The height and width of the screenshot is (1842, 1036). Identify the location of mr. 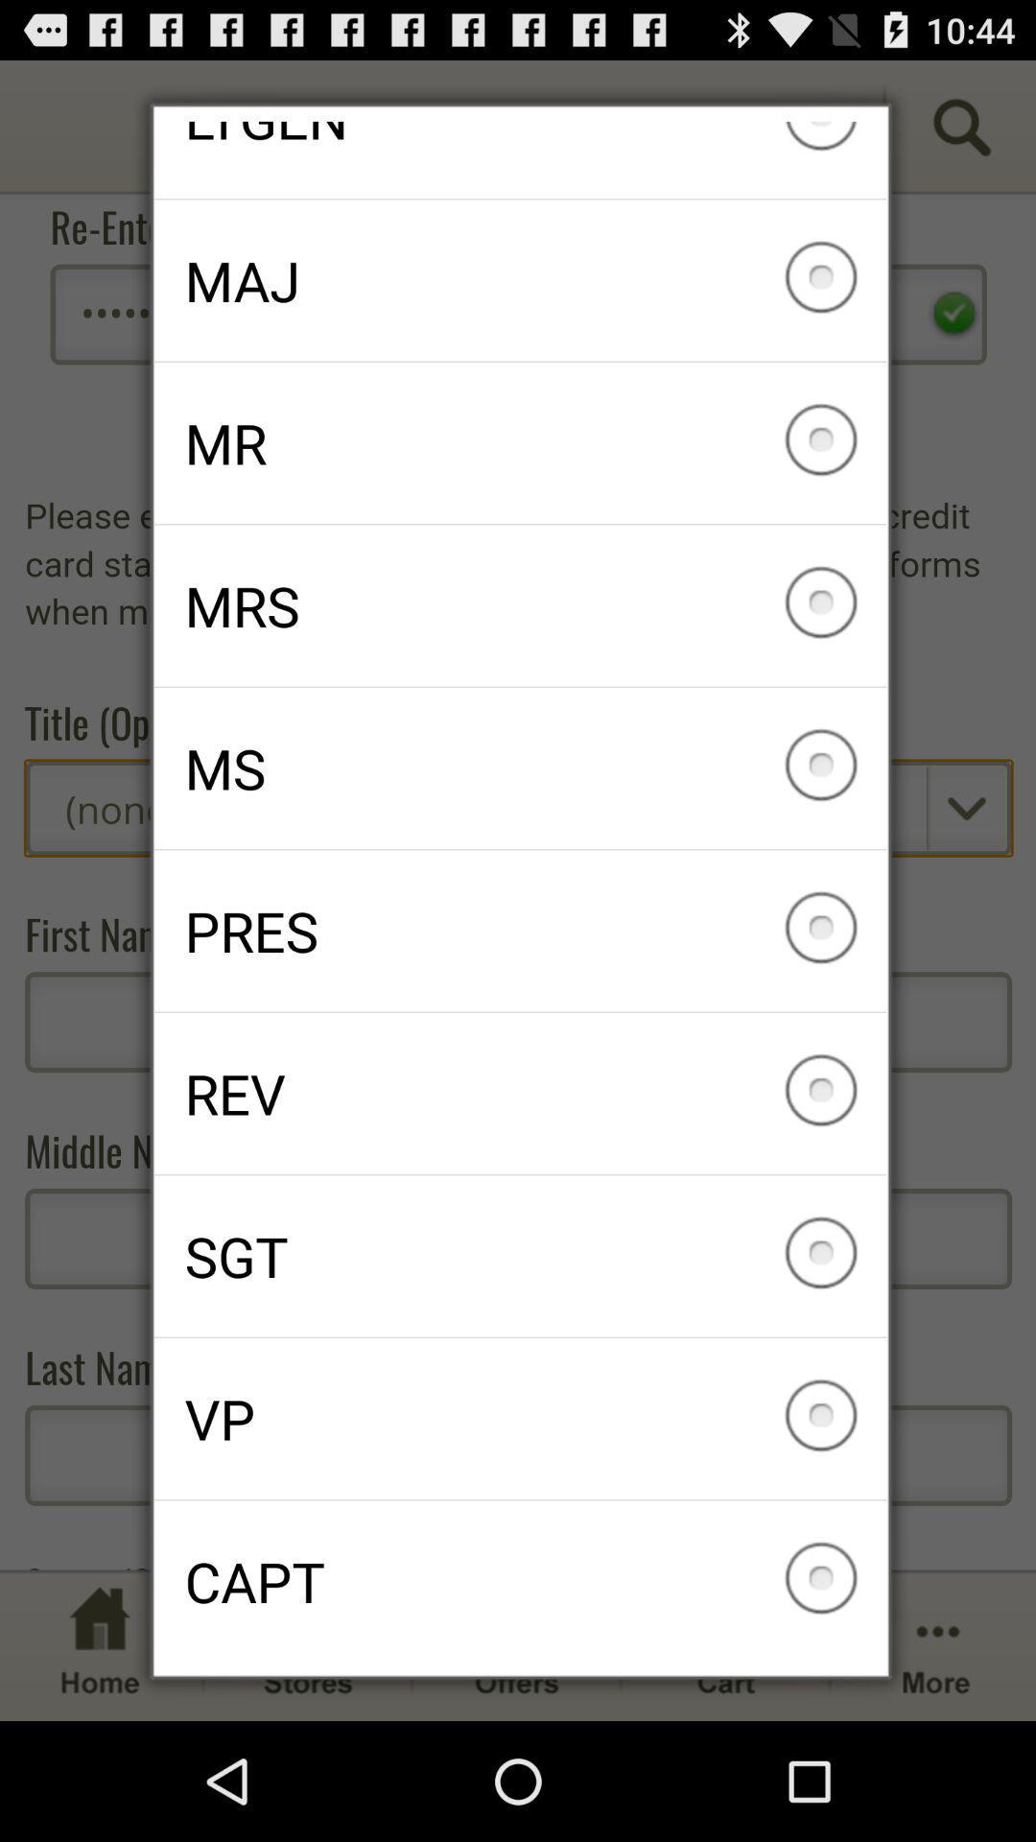
(520, 441).